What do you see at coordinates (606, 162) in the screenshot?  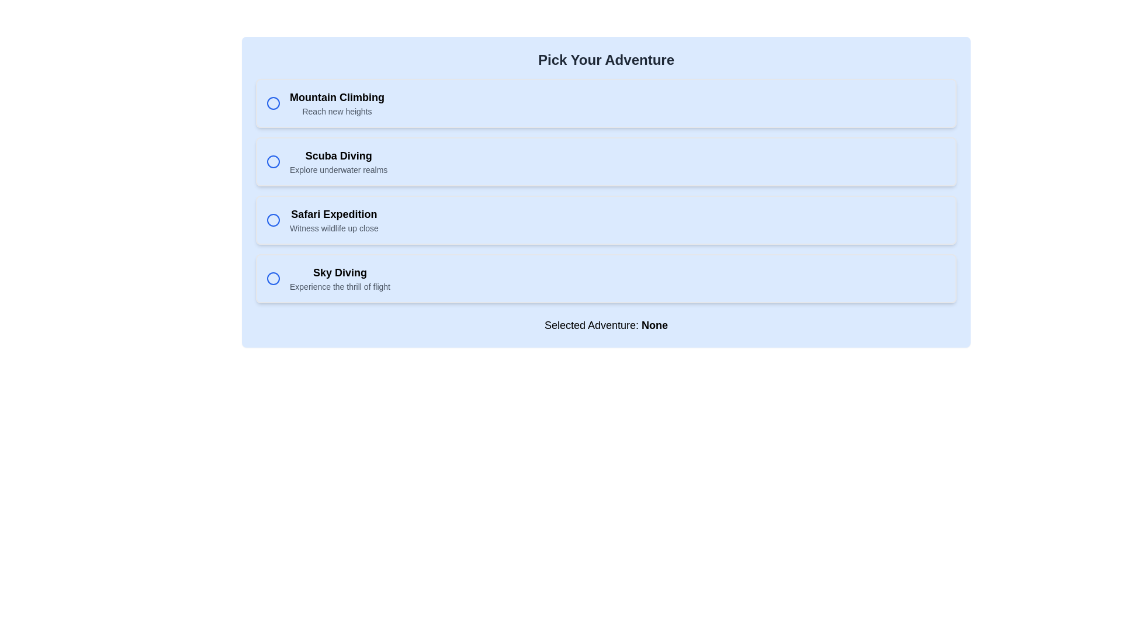 I see `the 'Scuba Diving' radio button option, which is the second entry in the list of selectable activities` at bounding box center [606, 162].